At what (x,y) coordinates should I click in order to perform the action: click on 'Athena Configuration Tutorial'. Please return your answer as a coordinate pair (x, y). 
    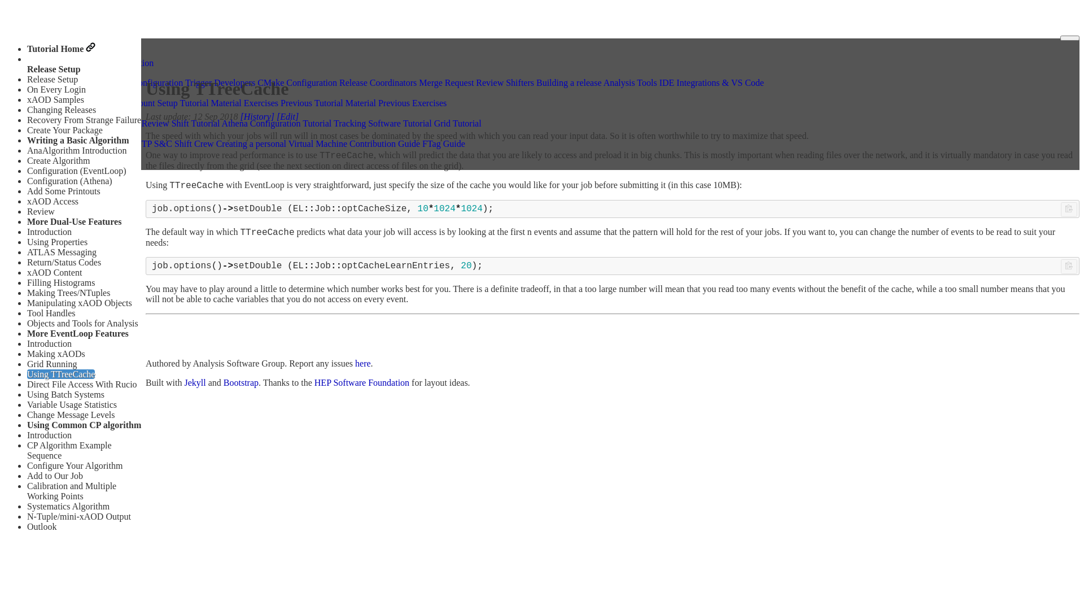
    Looking at the image, I should click on (222, 123).